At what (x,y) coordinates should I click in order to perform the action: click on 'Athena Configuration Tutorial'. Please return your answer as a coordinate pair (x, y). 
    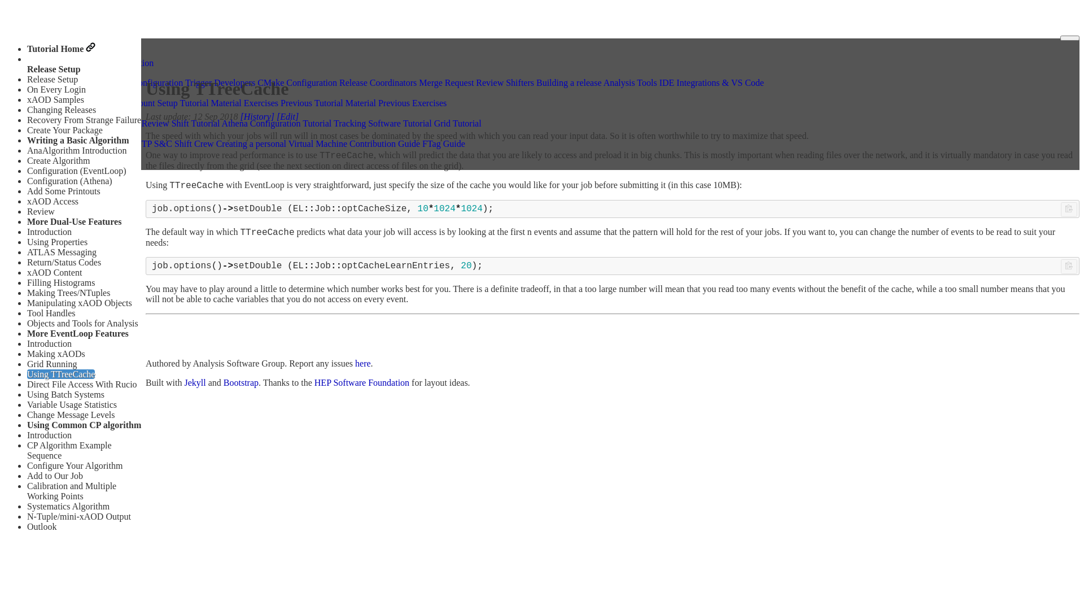
    Looking at the image, I should click on (222, 123).